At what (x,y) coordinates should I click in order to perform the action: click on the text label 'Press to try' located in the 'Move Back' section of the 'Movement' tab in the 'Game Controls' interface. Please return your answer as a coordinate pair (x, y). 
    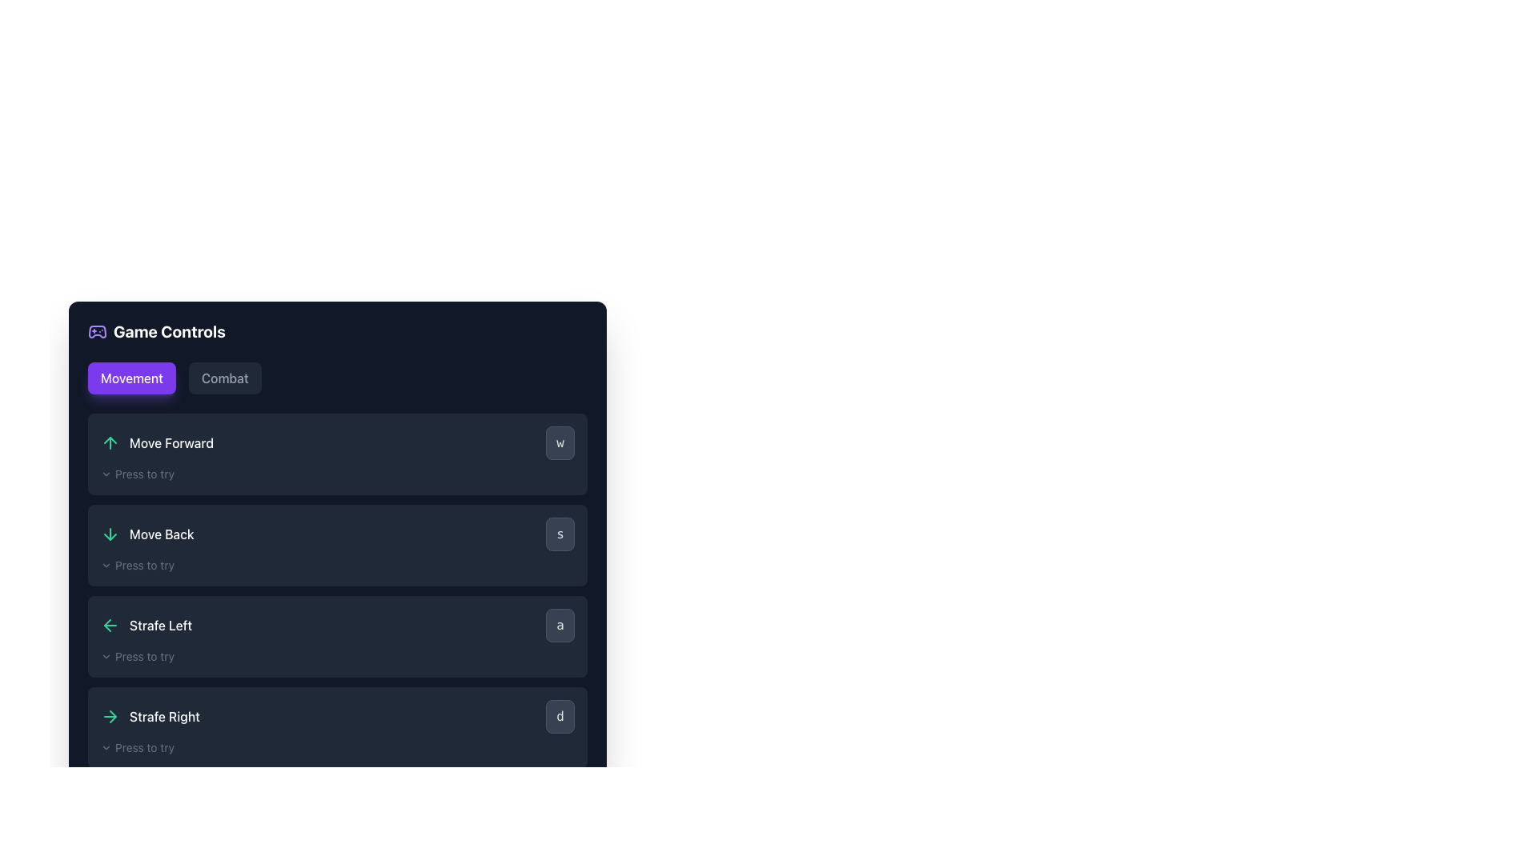
    Looking at the image, I should click on (145, 564).